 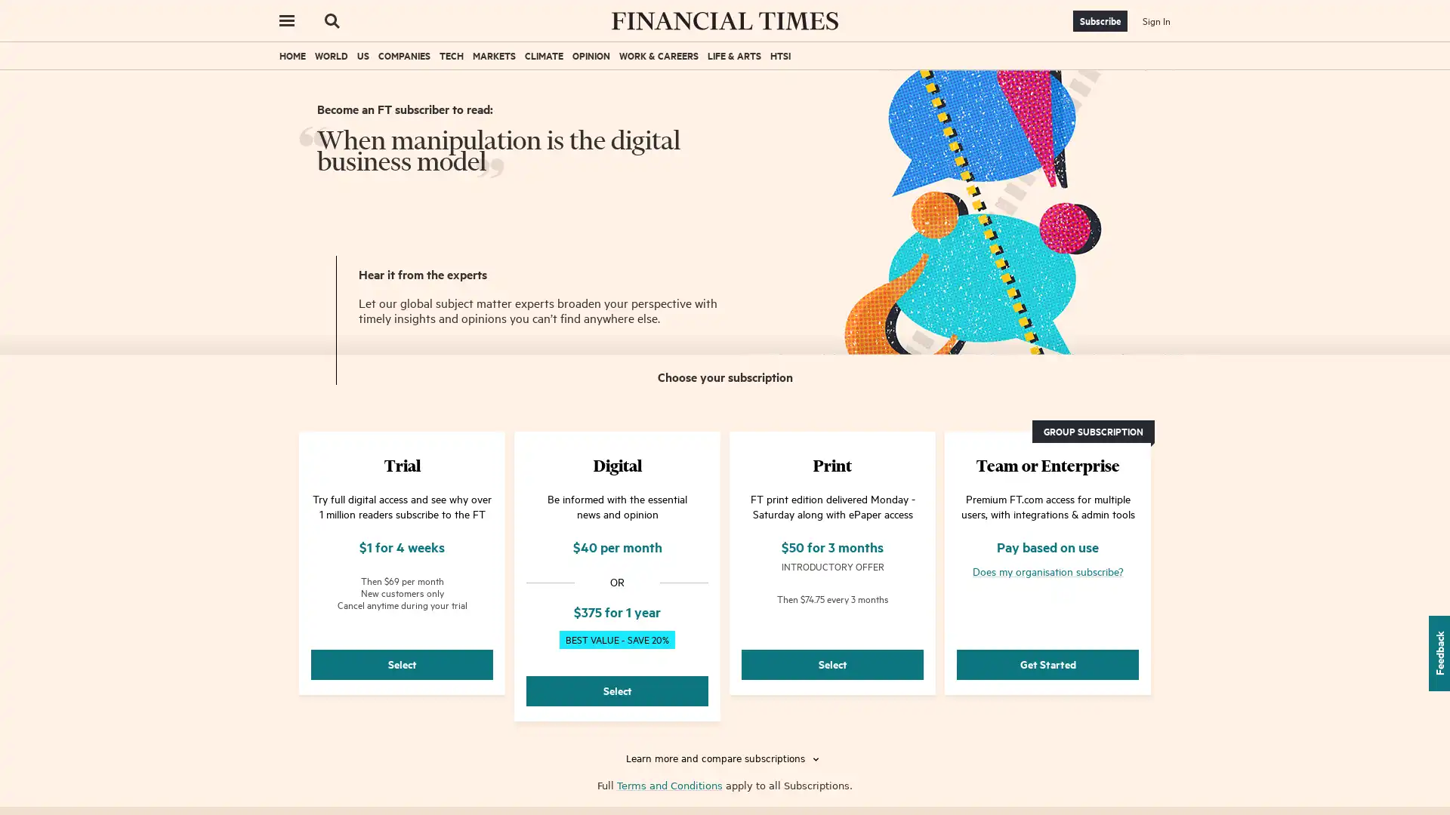 What do you see at coordinates (286, 20) in the screenshot?
I see `OPEN SIDE NAVIGATION MENU` at bounding box center [286, 20].